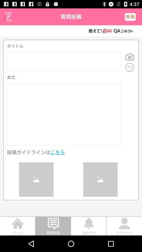 The image size is (142, 252). What do you see at coordinates (129, 72) in the screenshot?
I see `the emoji icon` at bounding box center [129, 72].